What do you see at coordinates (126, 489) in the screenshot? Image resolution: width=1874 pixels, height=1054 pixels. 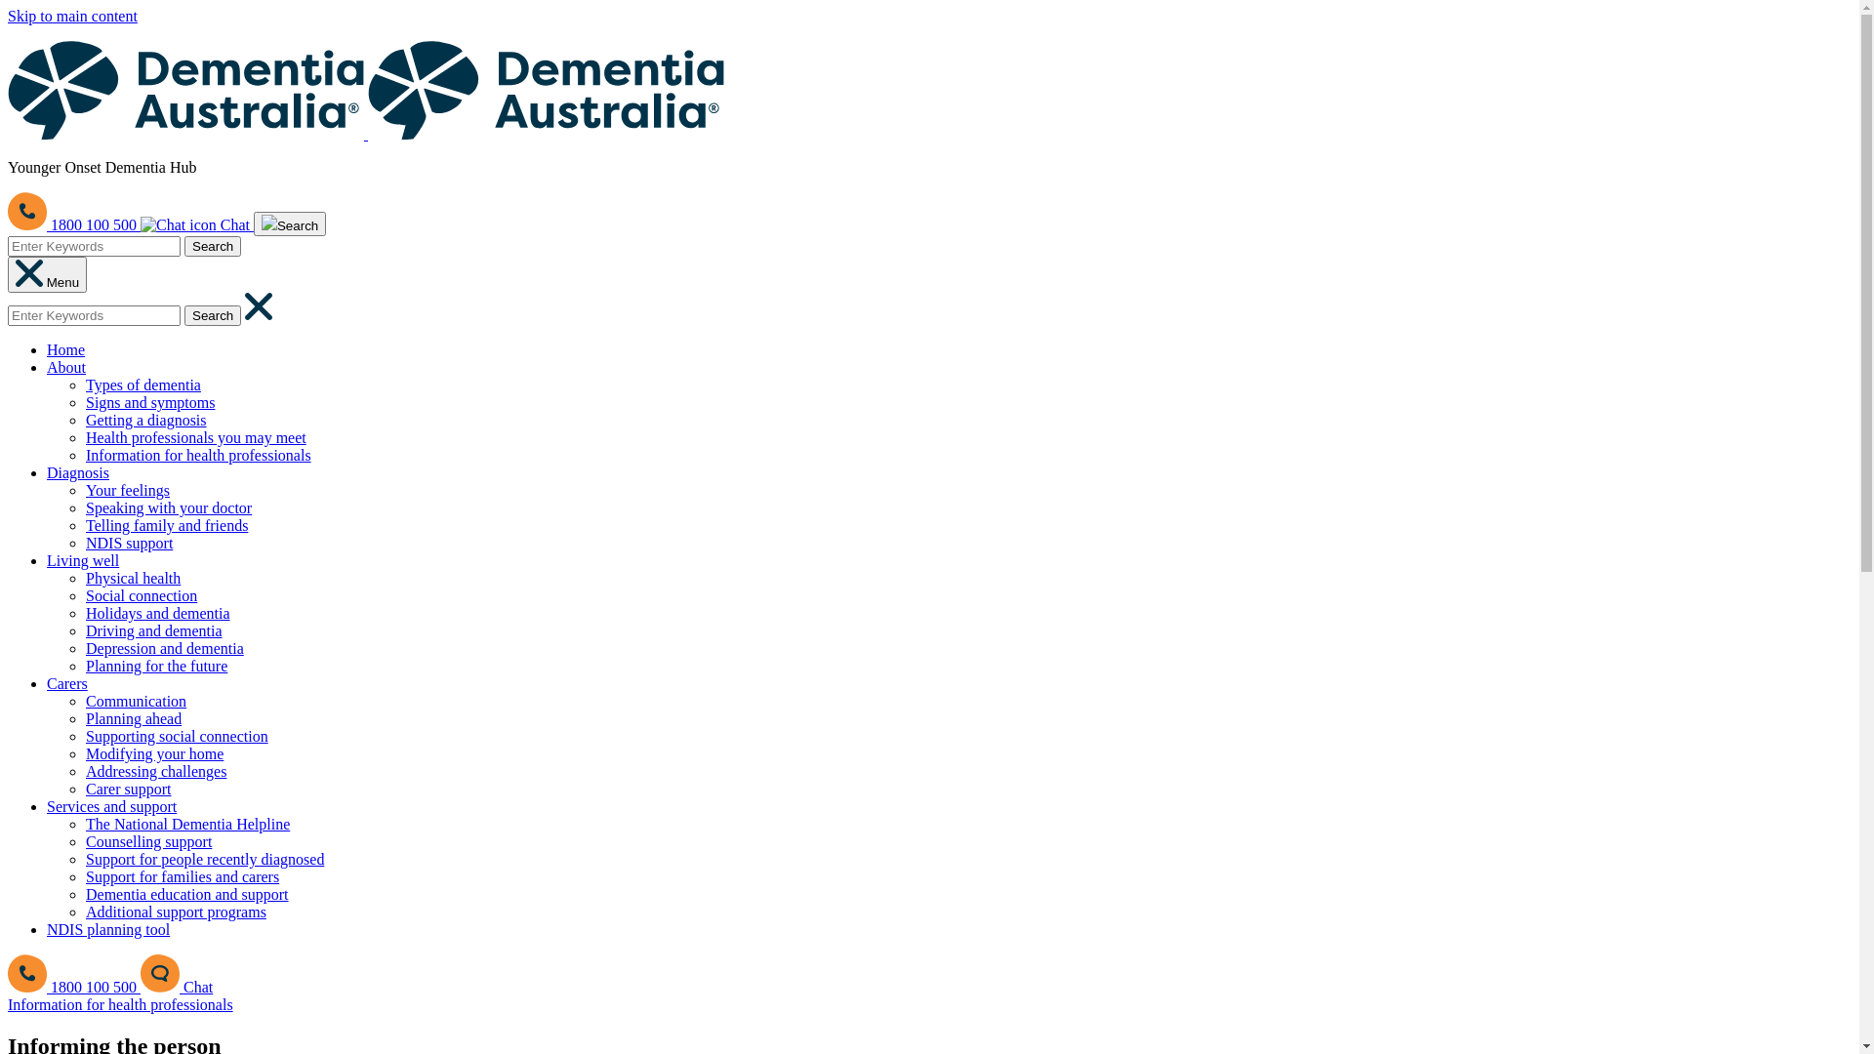 I see `'Your feelings'` at bounding box center [126, 489].